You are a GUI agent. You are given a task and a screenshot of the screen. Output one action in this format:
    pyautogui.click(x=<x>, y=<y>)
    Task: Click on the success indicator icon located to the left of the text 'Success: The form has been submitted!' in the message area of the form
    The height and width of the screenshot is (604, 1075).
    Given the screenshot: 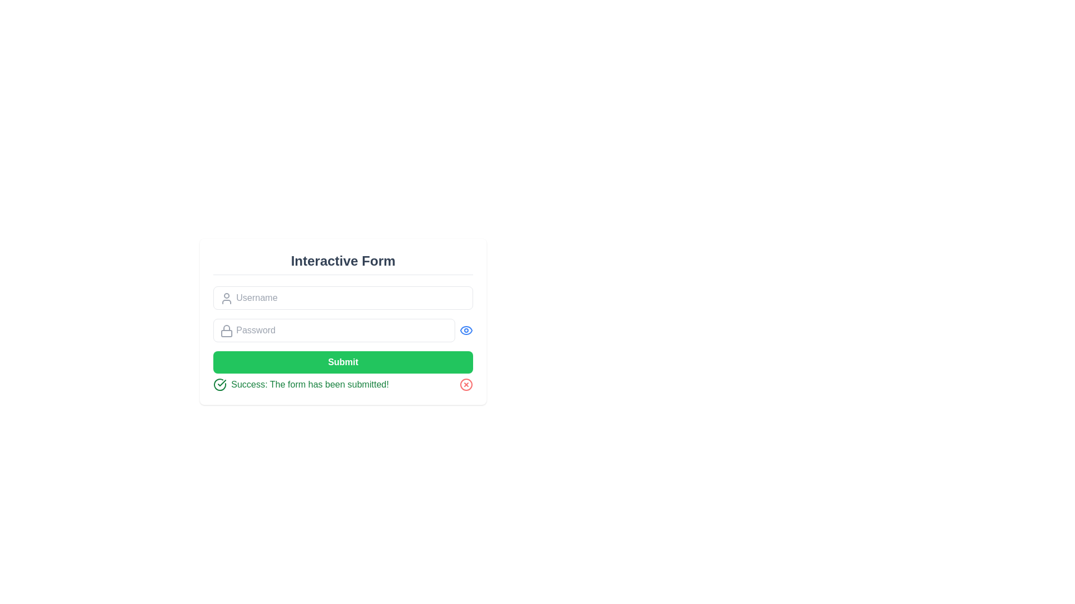 What is the action you would take?
    pyautogui.click(x=222, y=383)
    